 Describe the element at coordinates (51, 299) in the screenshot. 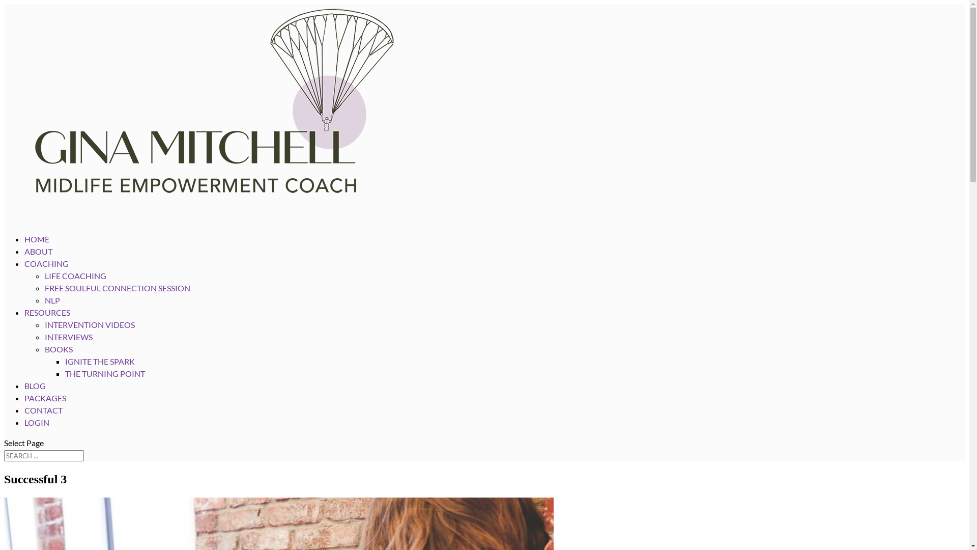

I see `'NLP'` at that location.